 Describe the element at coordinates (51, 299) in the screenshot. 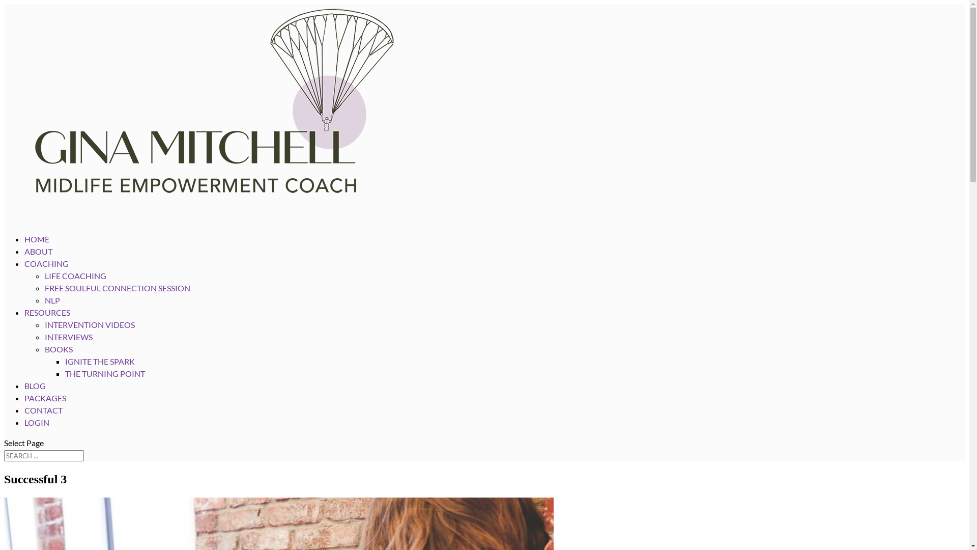

I see `'NLP'` at that location.